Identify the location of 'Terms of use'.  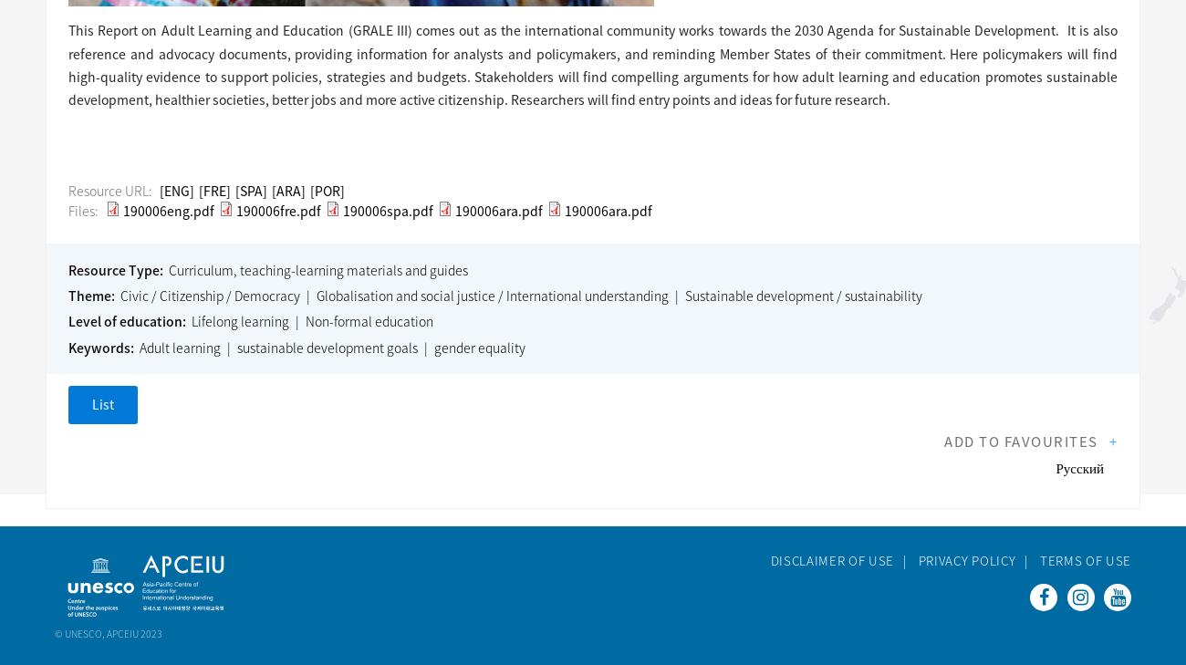
(1039, 559).